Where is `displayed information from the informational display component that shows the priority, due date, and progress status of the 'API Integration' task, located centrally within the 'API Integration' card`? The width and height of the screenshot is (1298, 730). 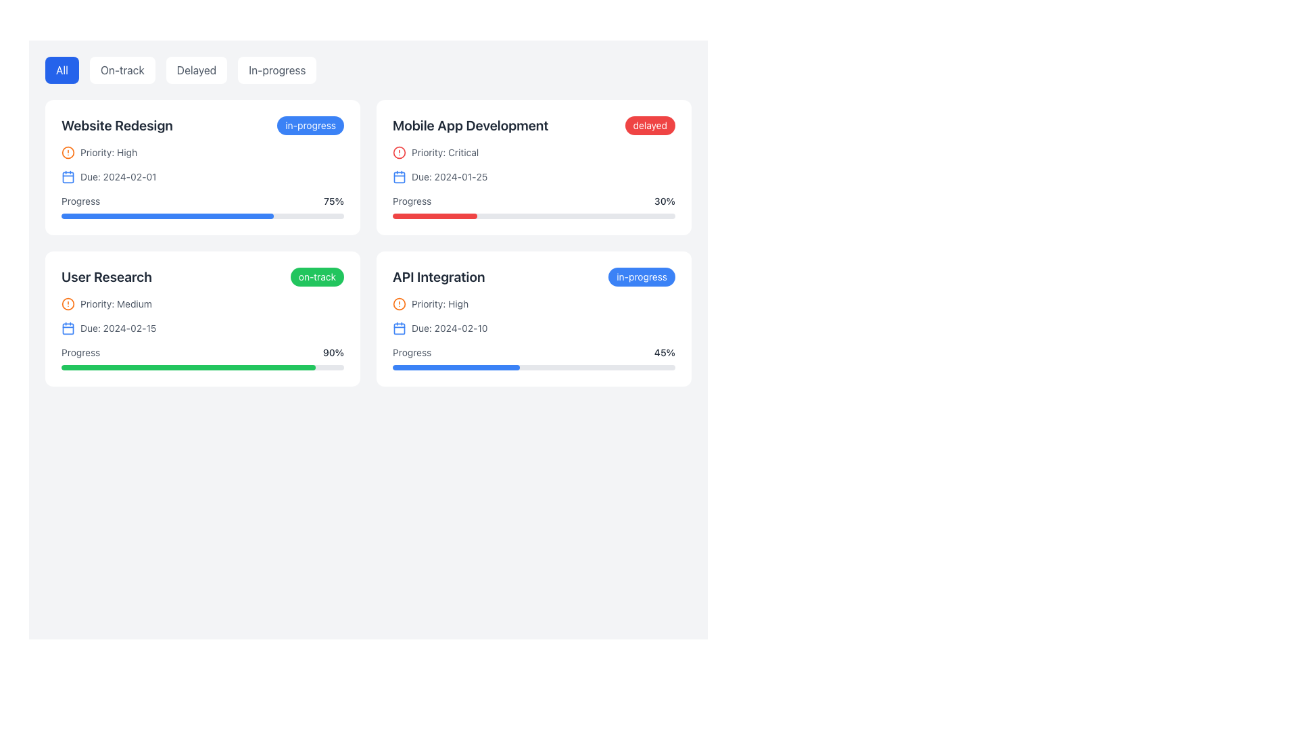 displayed information from the informational display component that shows the priority, due date, and progress status of the 'API Integration' task, located centrally within the 'API Integration' card is located at coordinates (533, 333).